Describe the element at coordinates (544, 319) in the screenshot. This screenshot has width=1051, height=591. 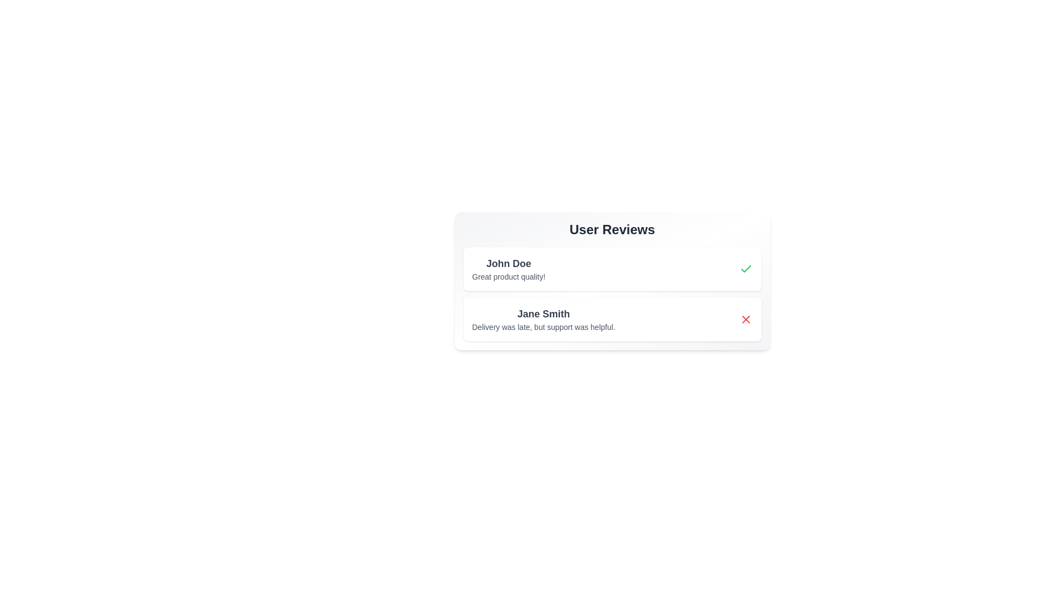
I see `the text block displaying 'Jane Smith' and the message about delivery within the second user review card` at that location.